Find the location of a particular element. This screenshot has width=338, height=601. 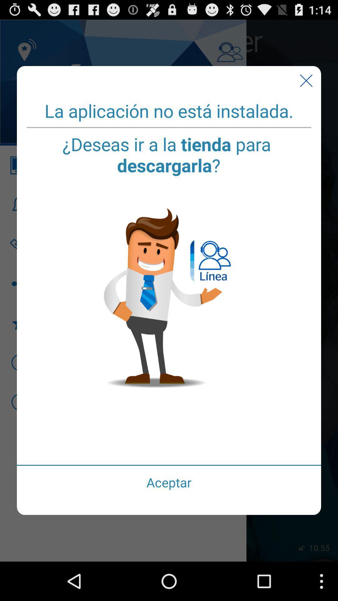

out is located at coordinates (306, 80).